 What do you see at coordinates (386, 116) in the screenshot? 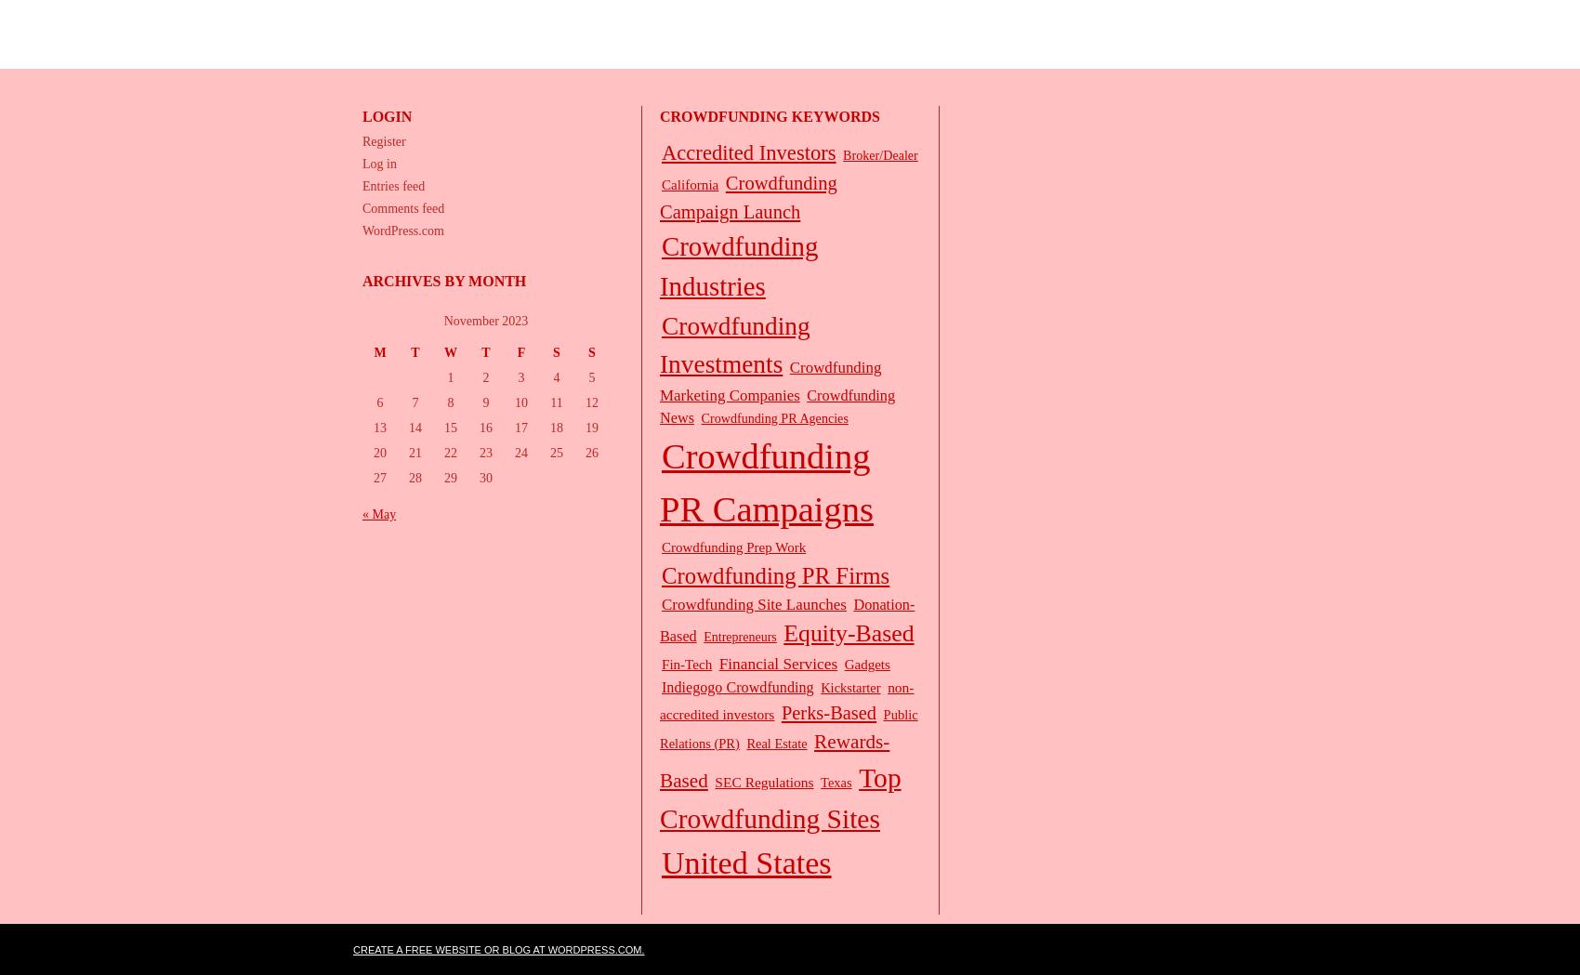
I see `'Login'` at bounding box center [386, 116].